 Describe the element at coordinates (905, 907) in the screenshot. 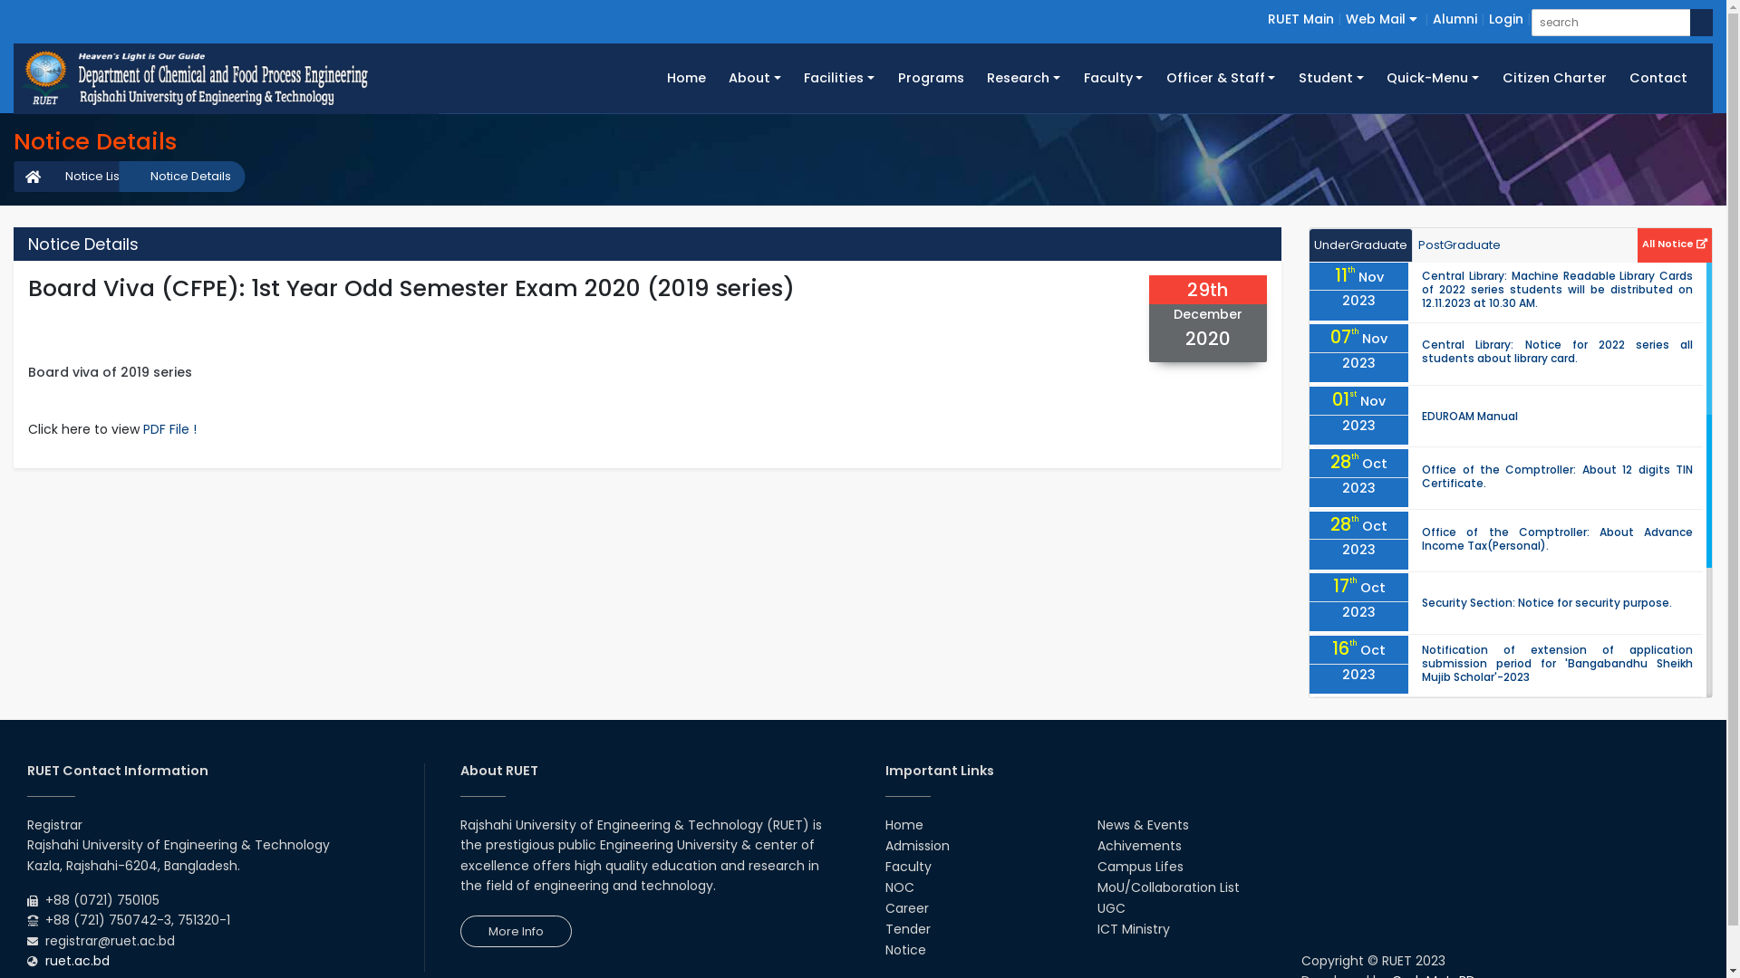

I see `'Career'` at that location.